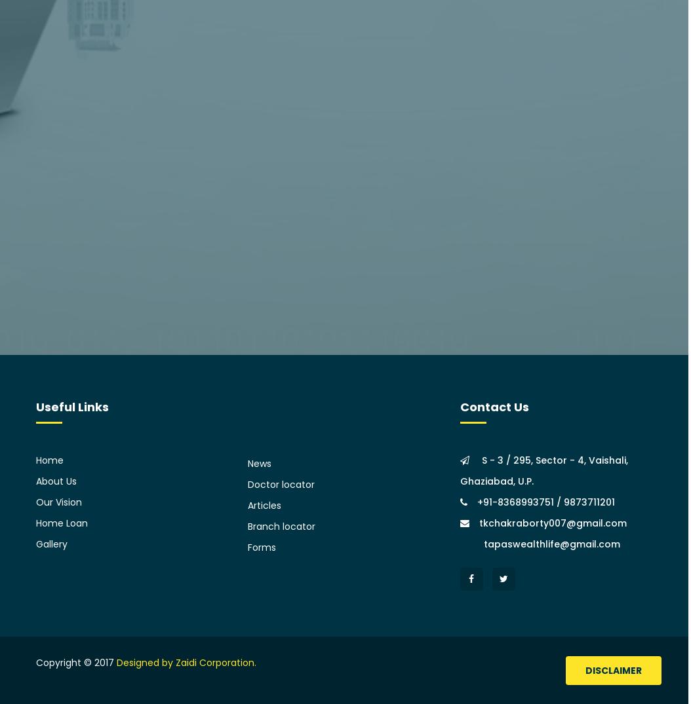 This screenshot has height=704, width=691. What do you see at coordinates (35, 481) in the screenshot?
I see `'About Us'` at bounding box center [35, 481].